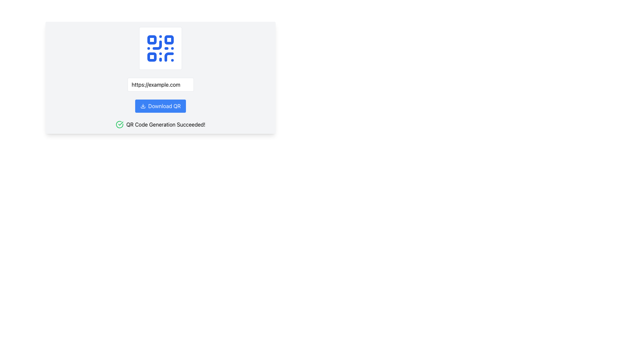 The height and width of the screenshot is (356, 633). Describe the element at coordinates (160, 48) in the screenshot. I see `the blue stylized QR code icon which is centrally positioned within a white background and above the 'Download QR' button` at that location.